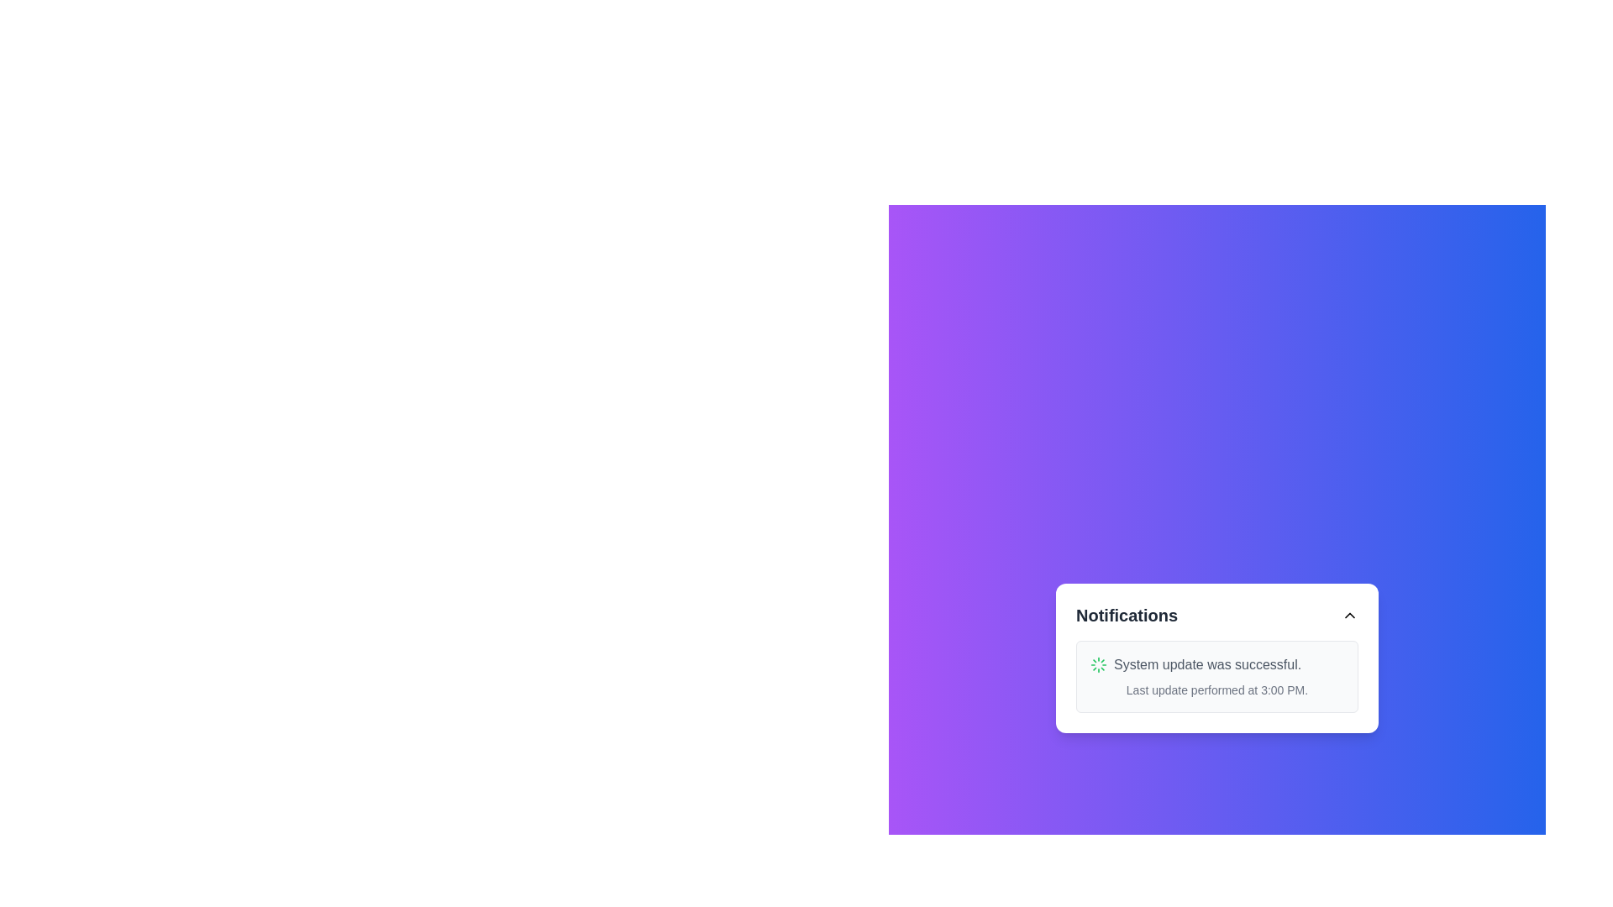  What do you see at coordinates (1127, 615) in the screenshot?
I see `the heading text element located at the top-left of the notification card, which serves as the title for the displayed information` at bounding box center [1127, 615].